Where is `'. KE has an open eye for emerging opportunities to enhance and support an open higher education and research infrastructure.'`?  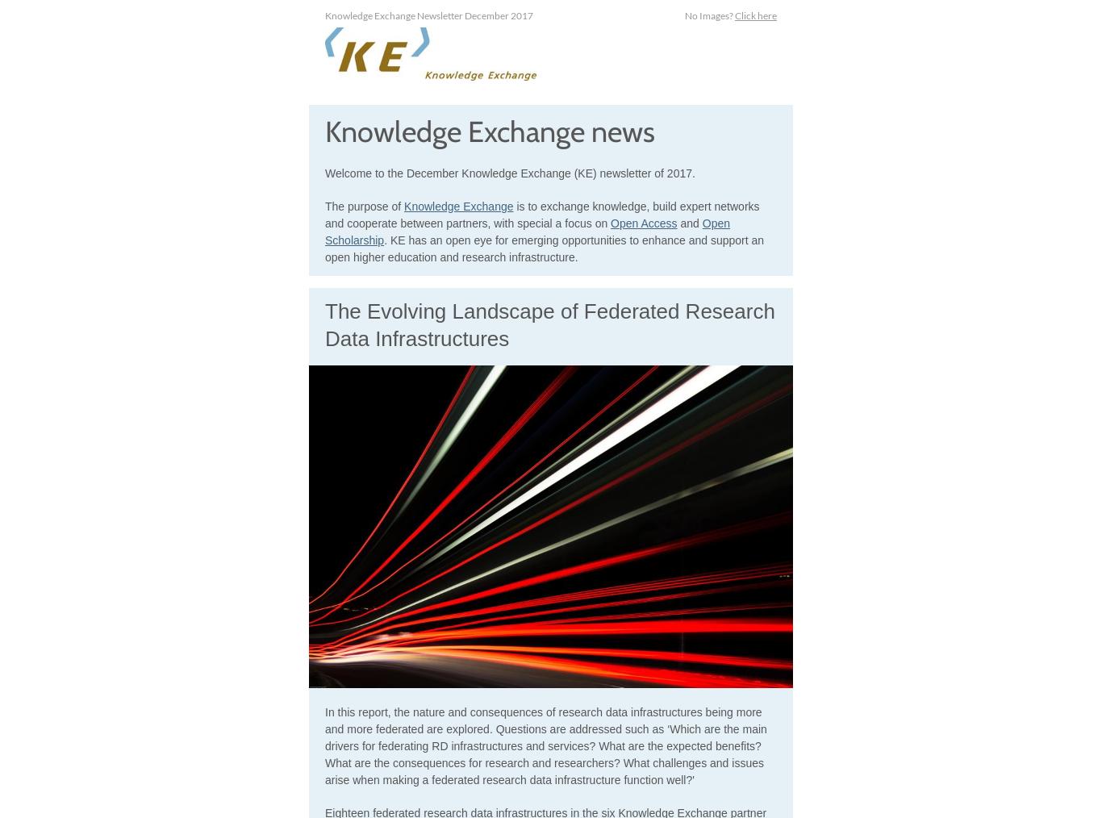
'. KE has an open eye for emerging opportunities to enhance and support an open higher education and research infrastructure.' is located at coordinates (543, 248).